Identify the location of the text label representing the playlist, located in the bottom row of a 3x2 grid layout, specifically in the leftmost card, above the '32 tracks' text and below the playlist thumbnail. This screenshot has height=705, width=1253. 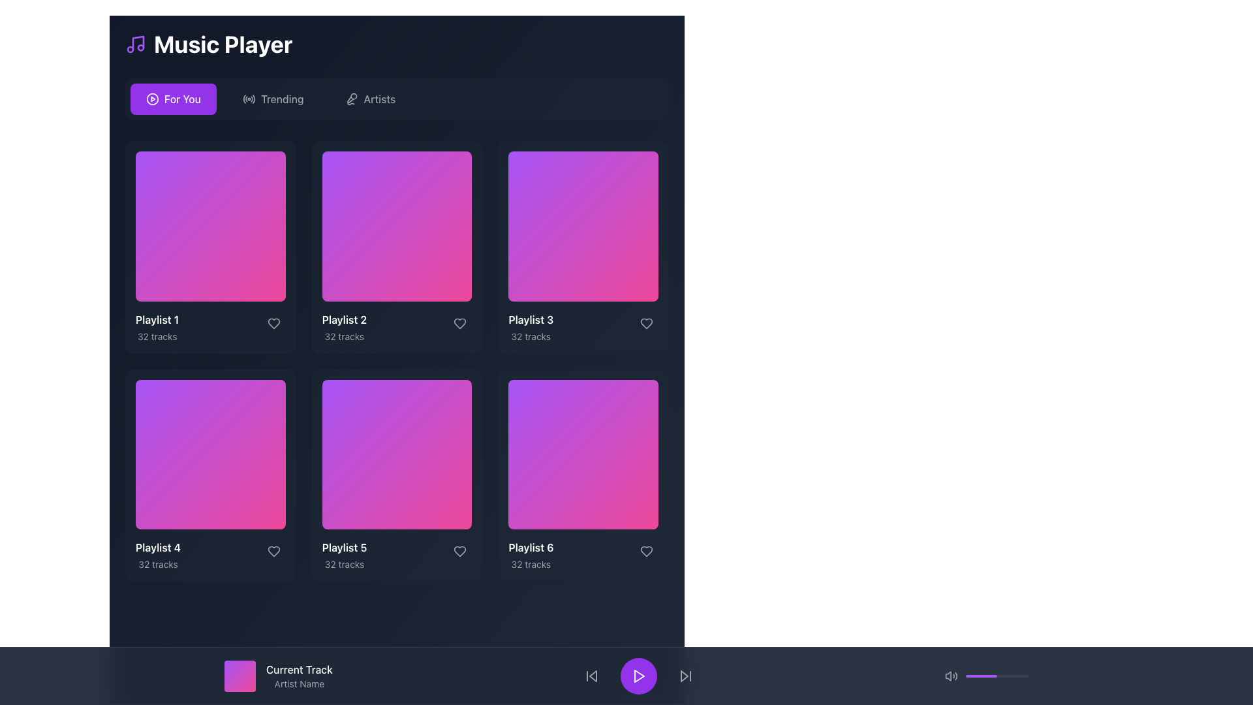
(345, 548).